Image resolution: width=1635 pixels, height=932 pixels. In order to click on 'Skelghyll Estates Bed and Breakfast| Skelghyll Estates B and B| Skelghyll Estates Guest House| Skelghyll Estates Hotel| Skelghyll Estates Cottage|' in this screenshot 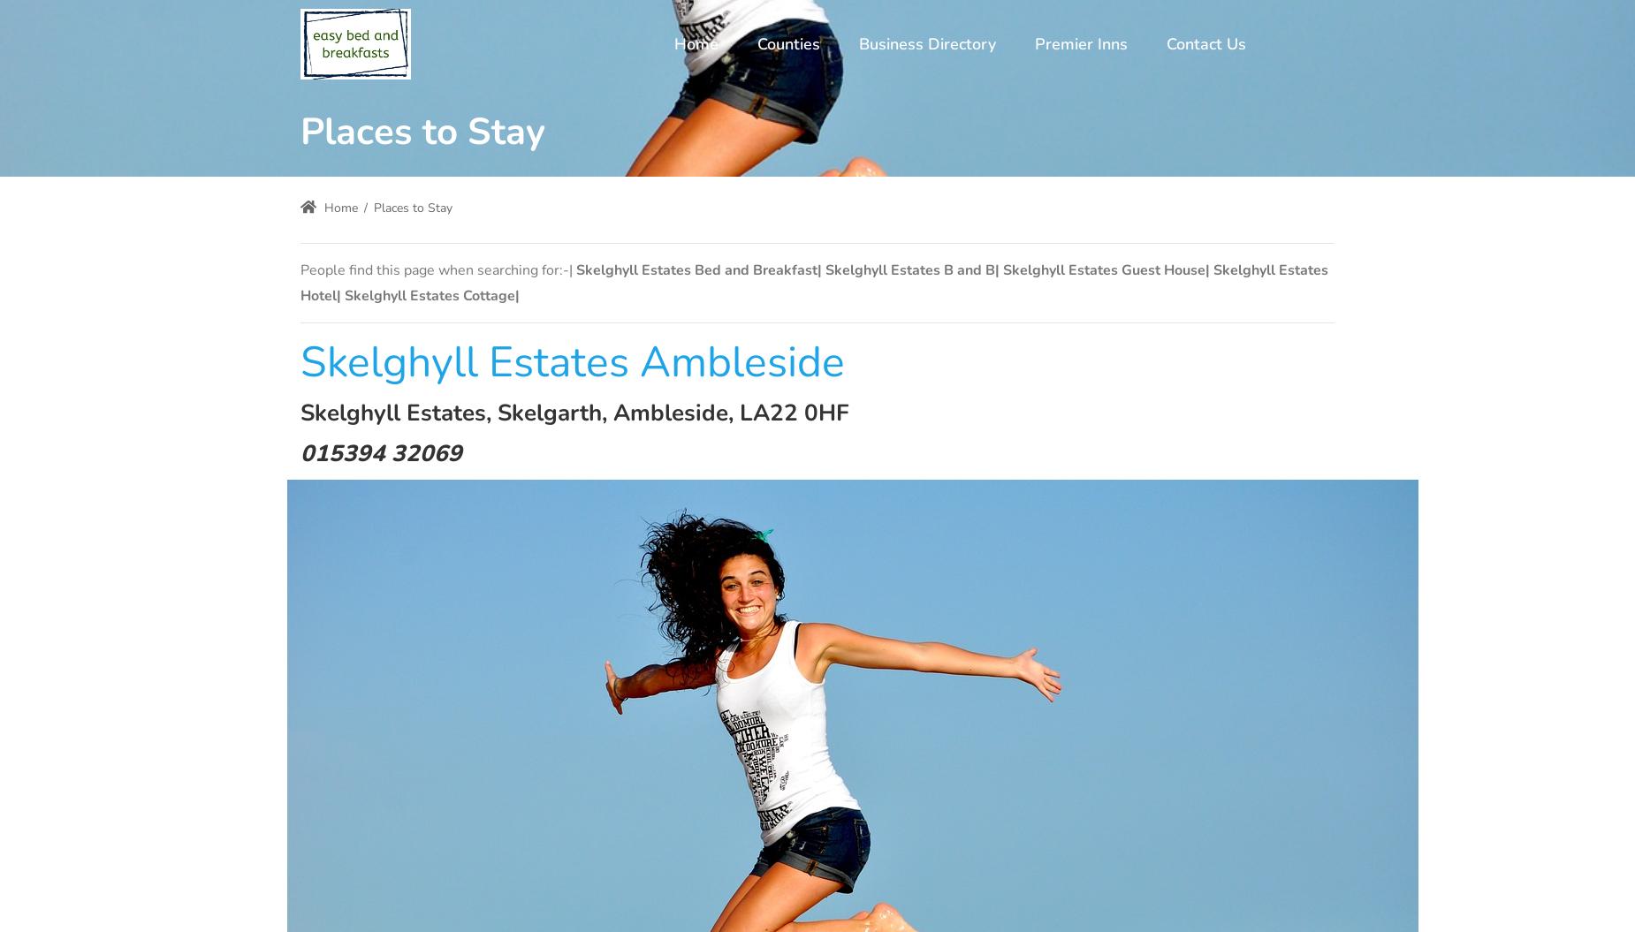, I will do `click(300, 281)`.